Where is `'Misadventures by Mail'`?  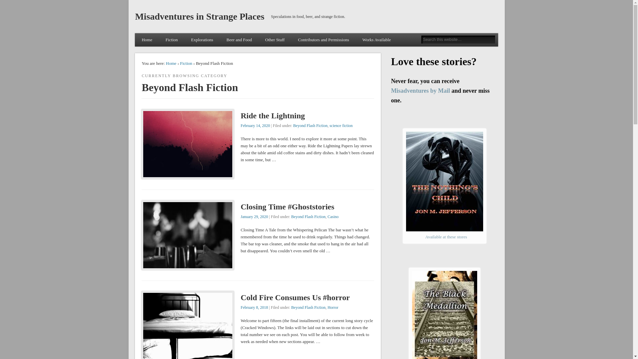
'Misadventures by Mail' is located at coordinates (420, 91).